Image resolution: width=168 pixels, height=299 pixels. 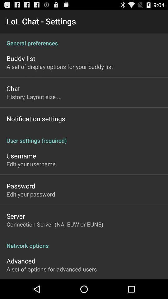 I want to click on app above buddy list app, so click(x=84, y=39).